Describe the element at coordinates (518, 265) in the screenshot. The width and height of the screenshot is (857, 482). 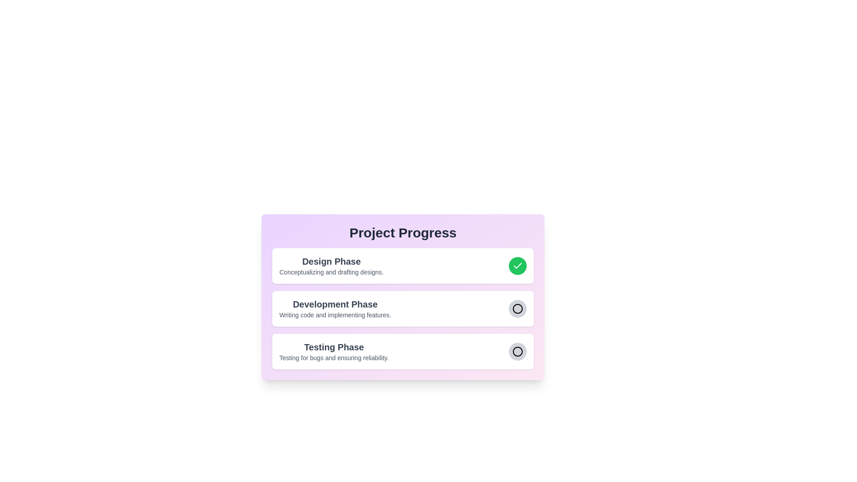
I see `the checkmark icon within the circular green button located to the right of the 'Design Phase' item in the project phases list` at that location.